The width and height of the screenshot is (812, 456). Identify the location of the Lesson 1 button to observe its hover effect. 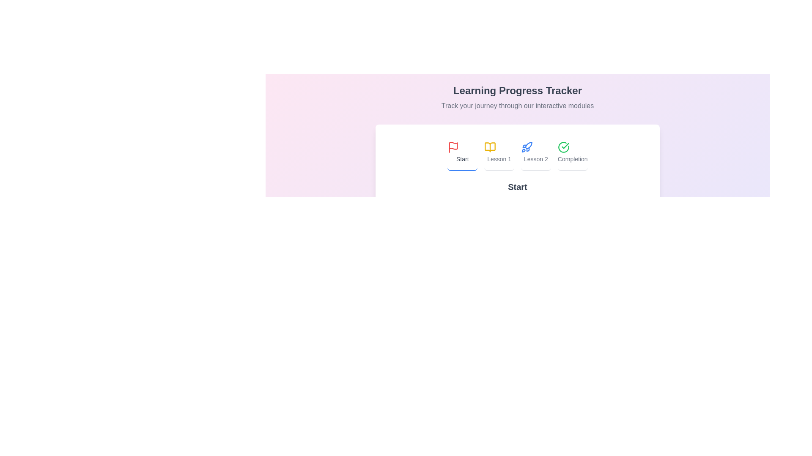
(499, 153).